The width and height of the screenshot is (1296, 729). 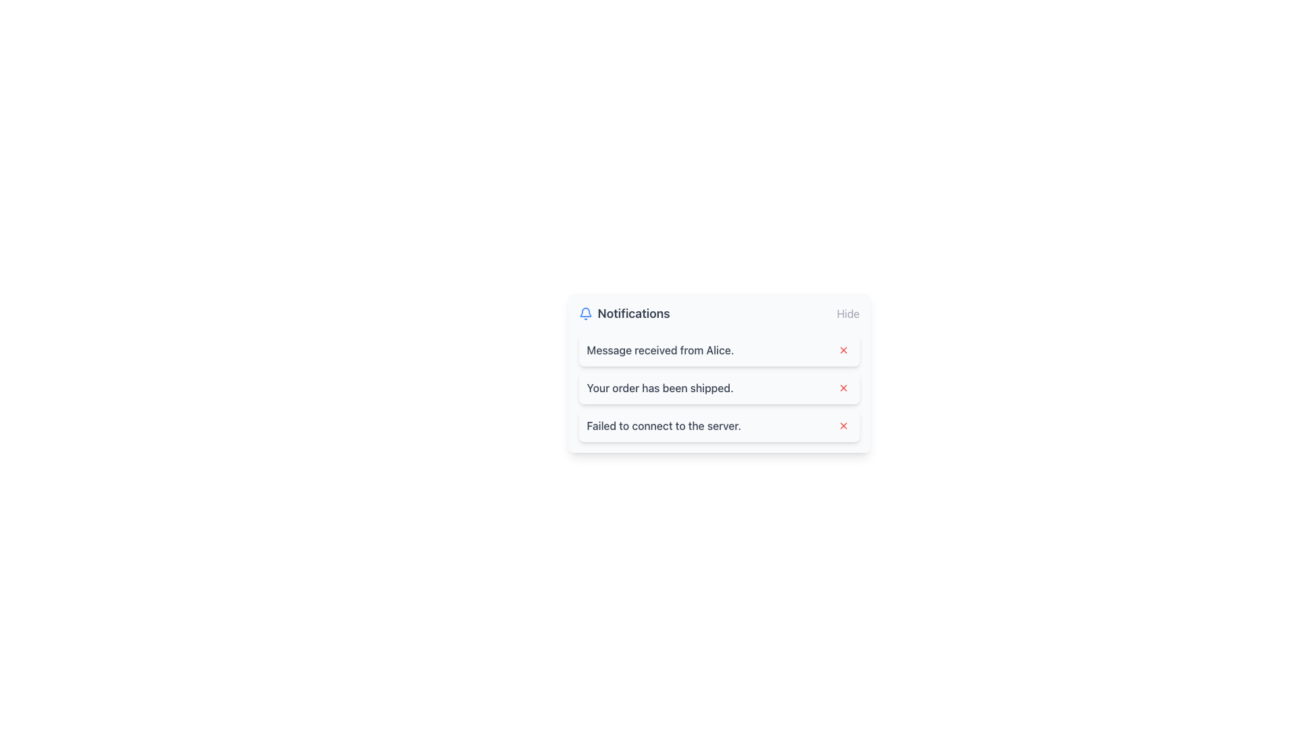 What do you see at coordinates (847, 314) in the screenshot?
I see `the 'Hide' text label located in the top-right corner of the Notifications panel to hide the panel` at bounding box center [847, 314].